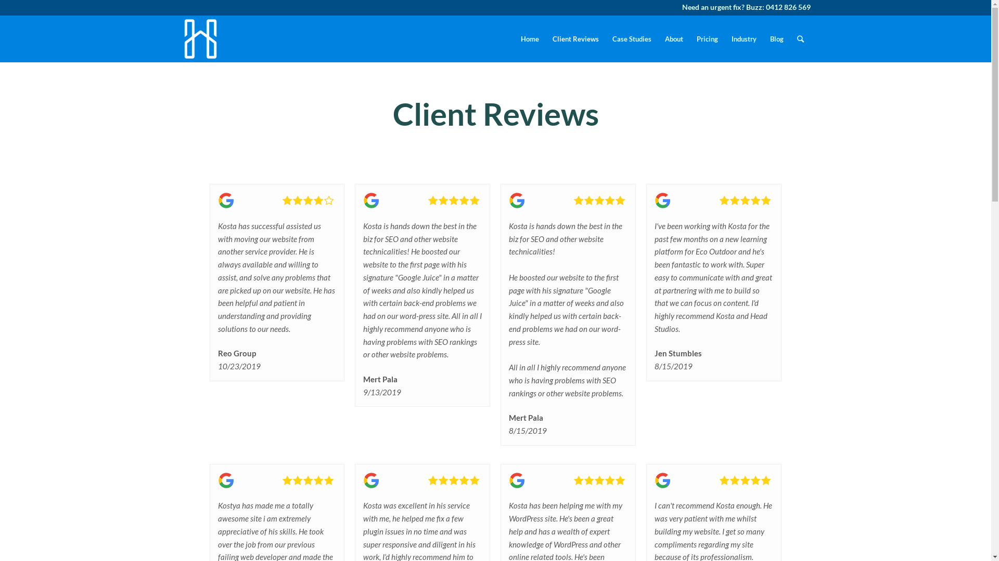 The width and height of the screenshot is (999, 561). Describe the element at coordinates (631, 38) in the screenshot. I see `'Case Studies'` at that location.